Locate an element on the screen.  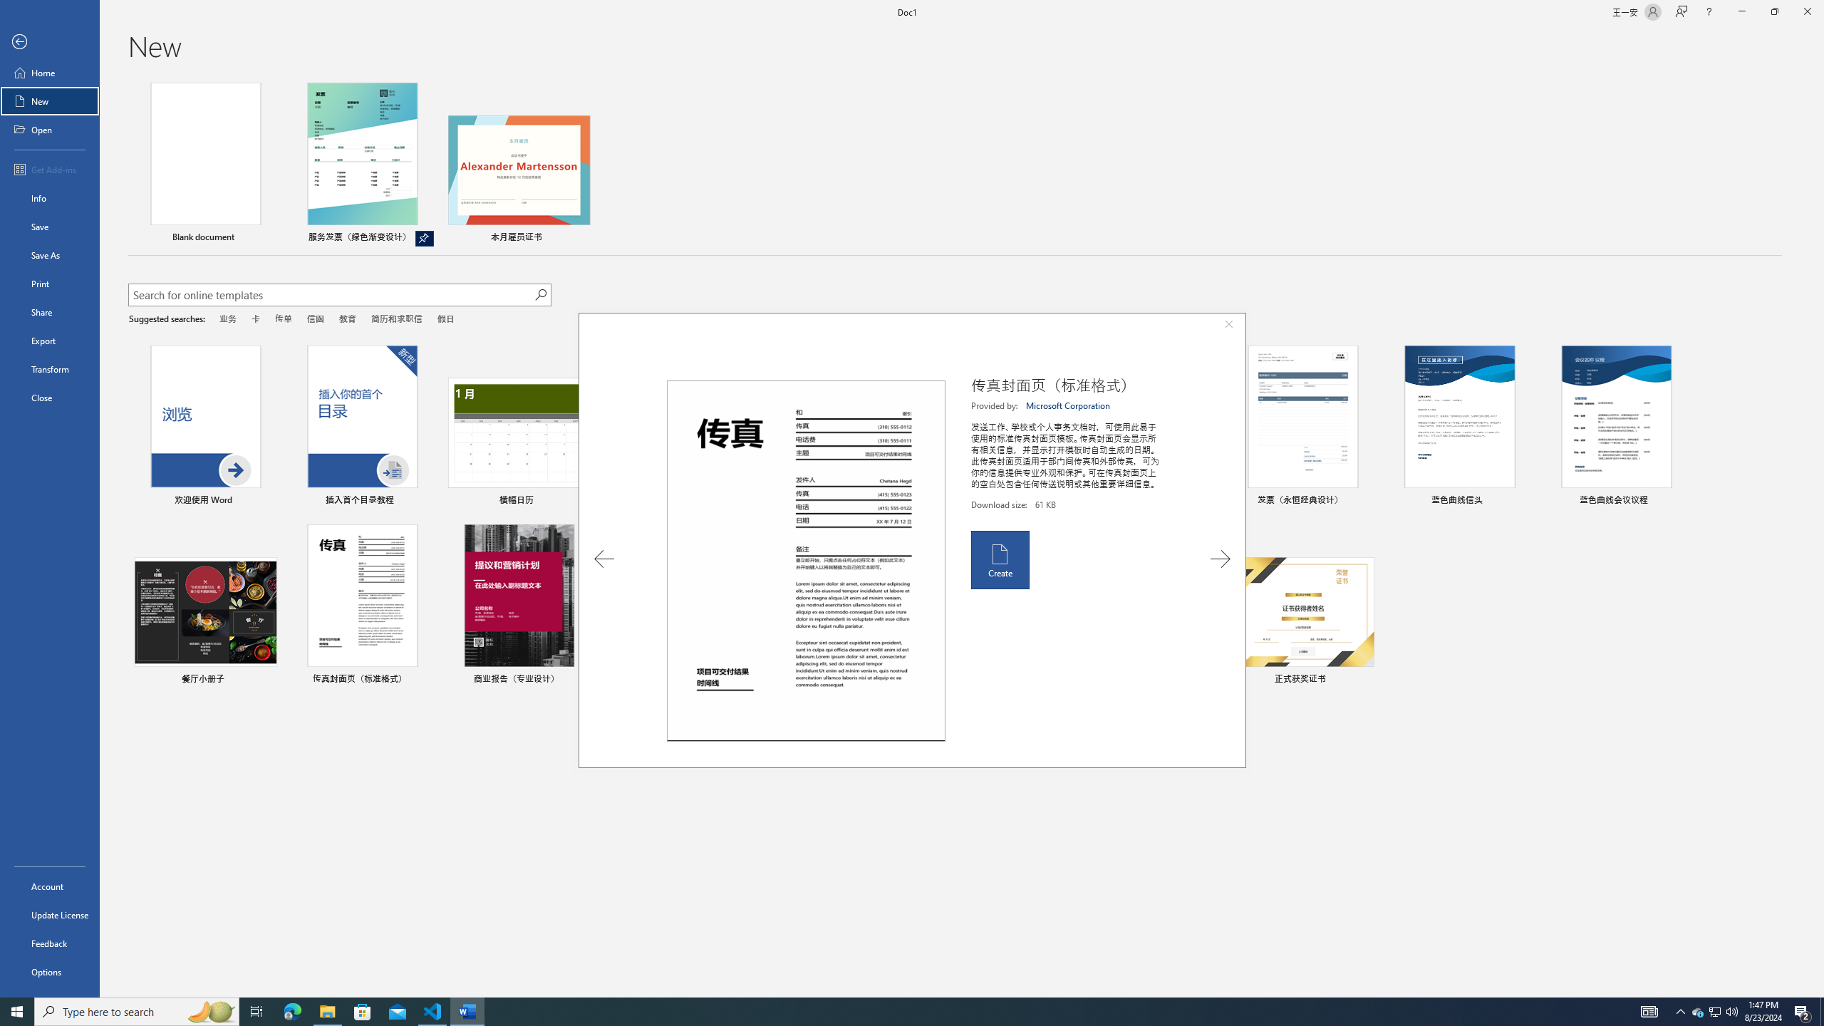
'Account' is located at coordinates (49, 886).